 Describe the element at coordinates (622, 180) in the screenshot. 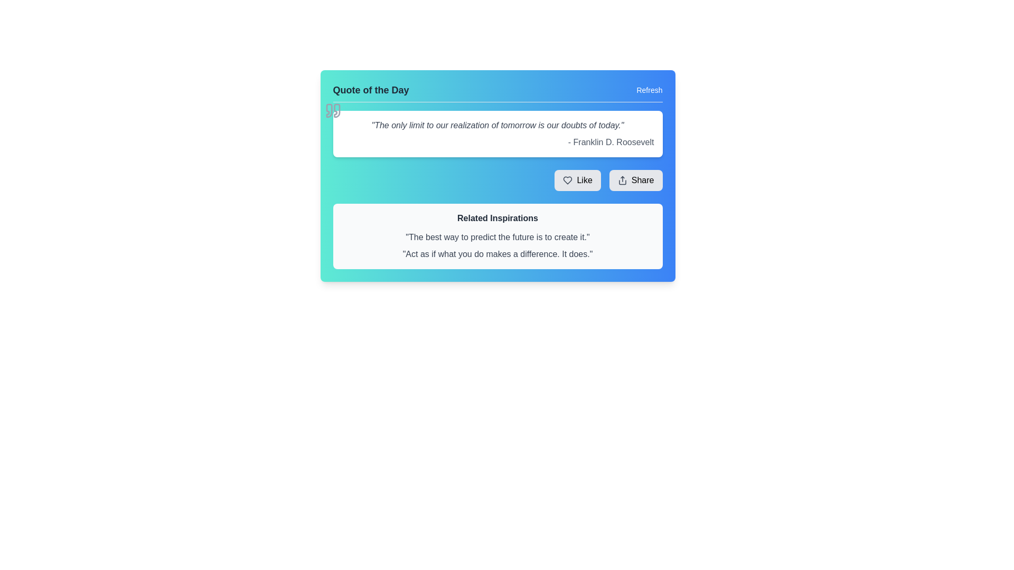

I see `the 'Share' icon located within the rounded rectangular button labeled 'Share'` at that location.